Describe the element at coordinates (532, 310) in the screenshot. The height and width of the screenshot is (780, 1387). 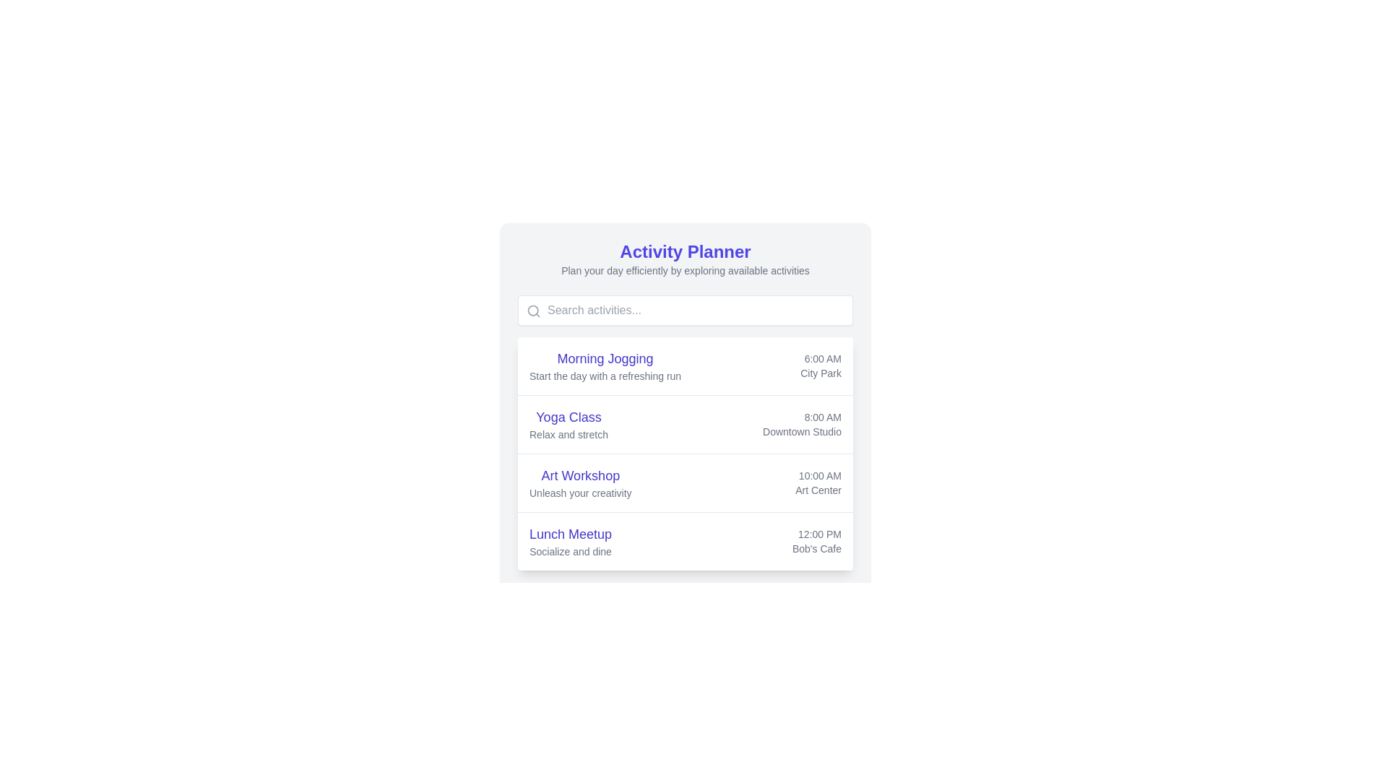
I see `the decorative circle within the search icon located in the top-left corner of the text input box labeled 'Search activities...'` at that location.